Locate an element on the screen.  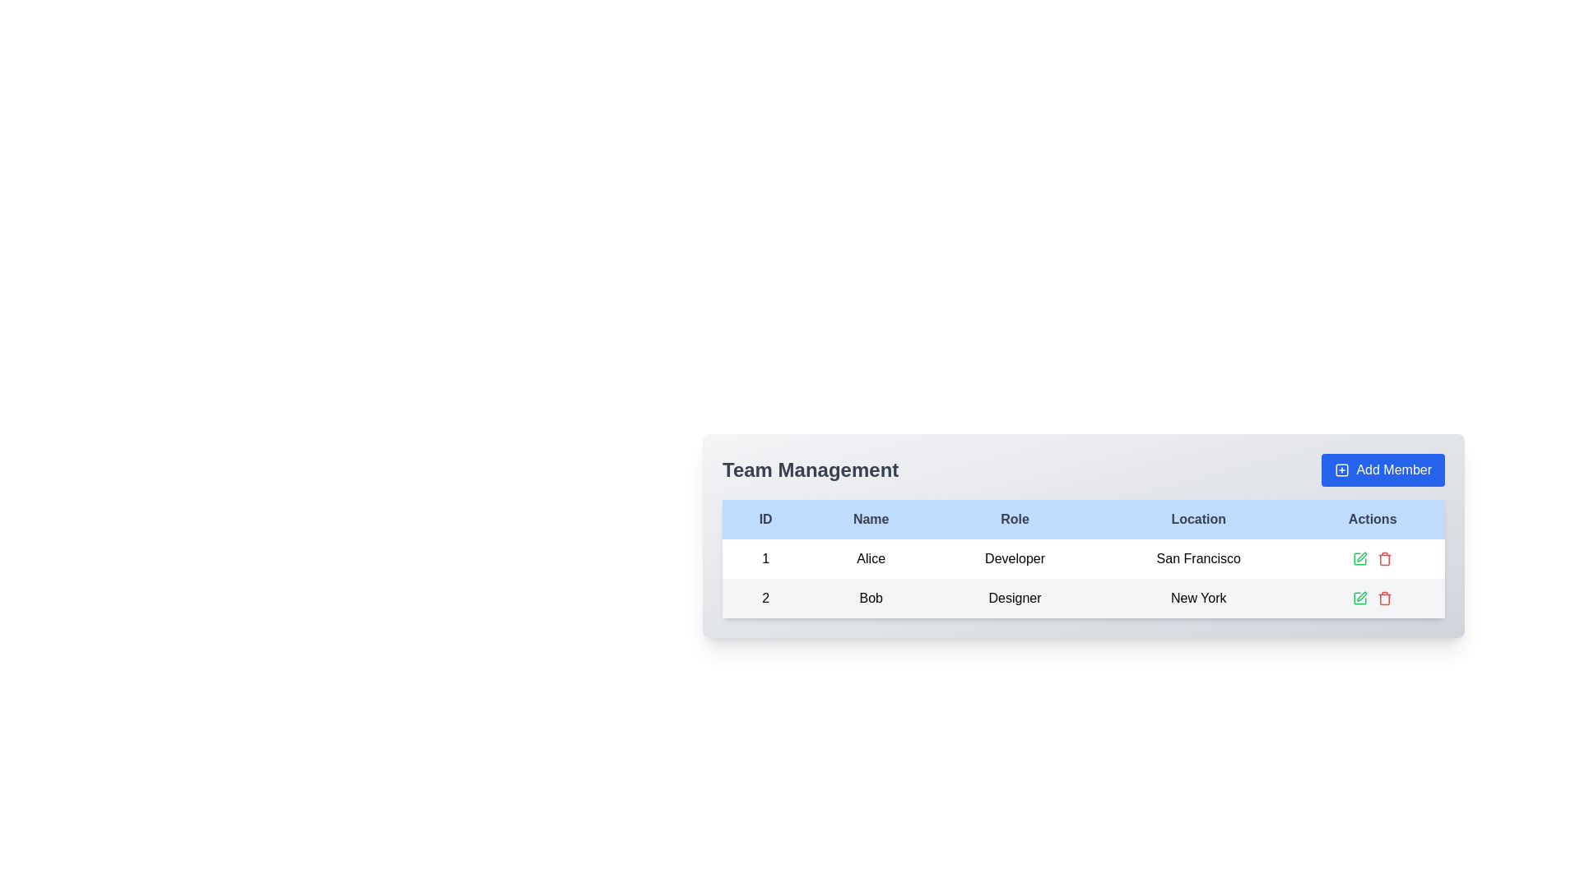
the 'Location' text element in the first row of the table corresponding to user 'Alice', which is positioned in the fourth column between the 'Role' and 'Actions' columns is located at coordinates (1198, 557).